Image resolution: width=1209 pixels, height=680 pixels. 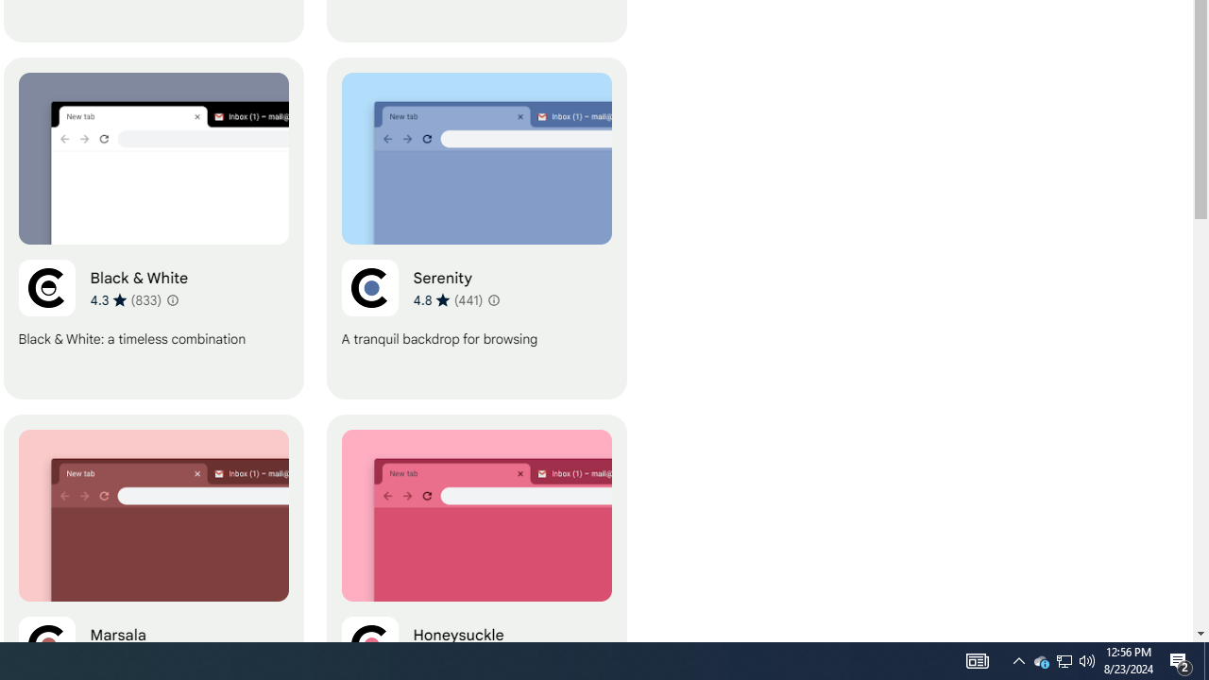 I want to click on 'Average rating 4.3 out of 5 stars. 833 ratings.', so click(x=125, y=298).